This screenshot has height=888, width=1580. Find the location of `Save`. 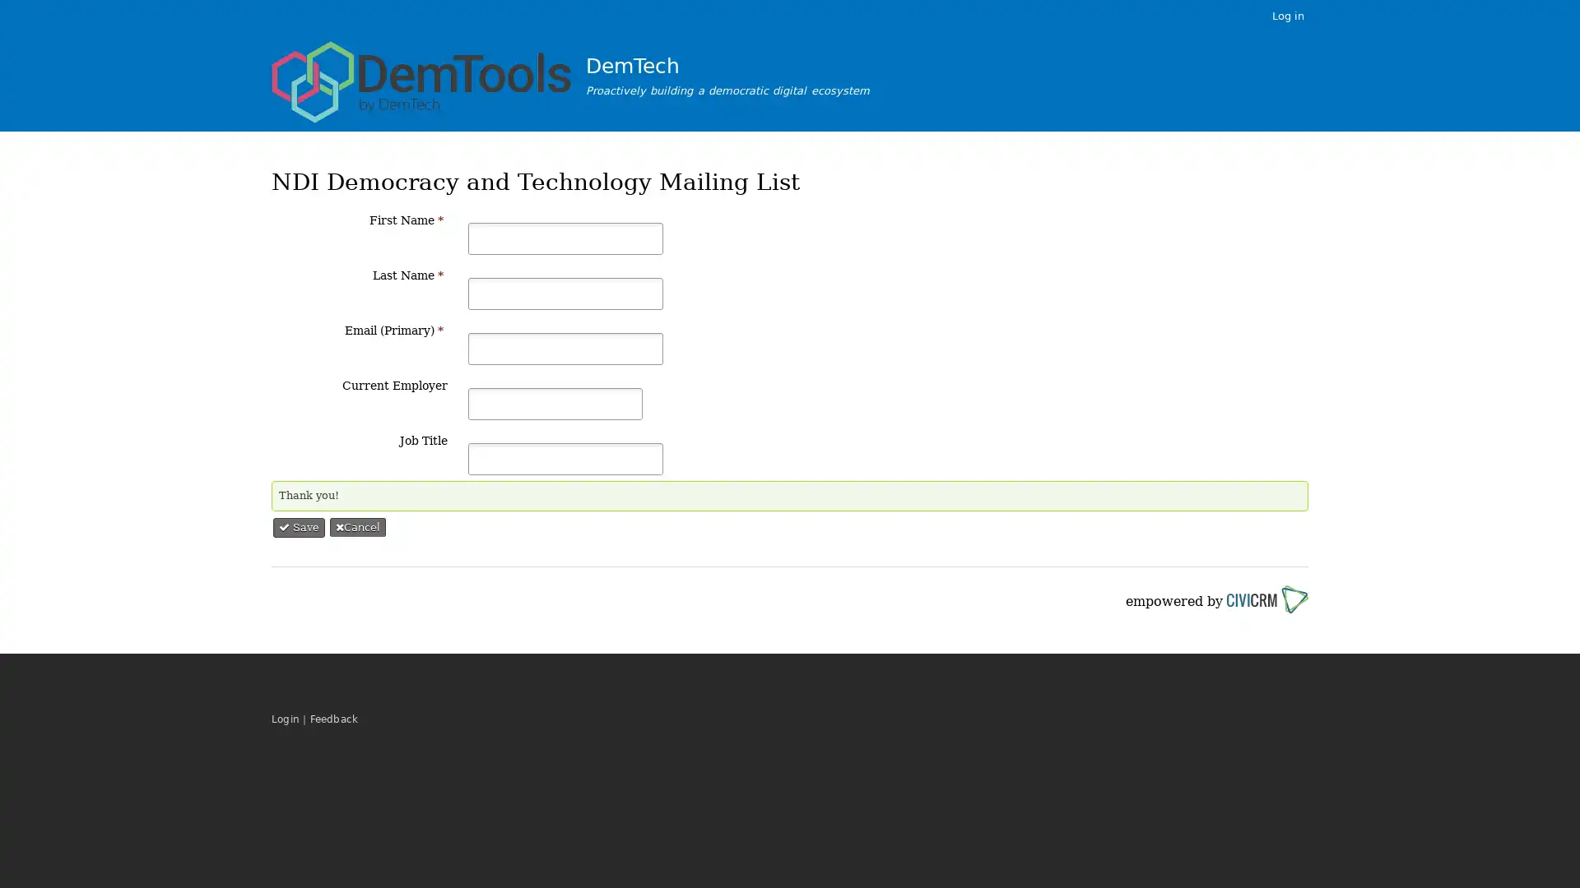

Save is located at coordinates (299, 527).